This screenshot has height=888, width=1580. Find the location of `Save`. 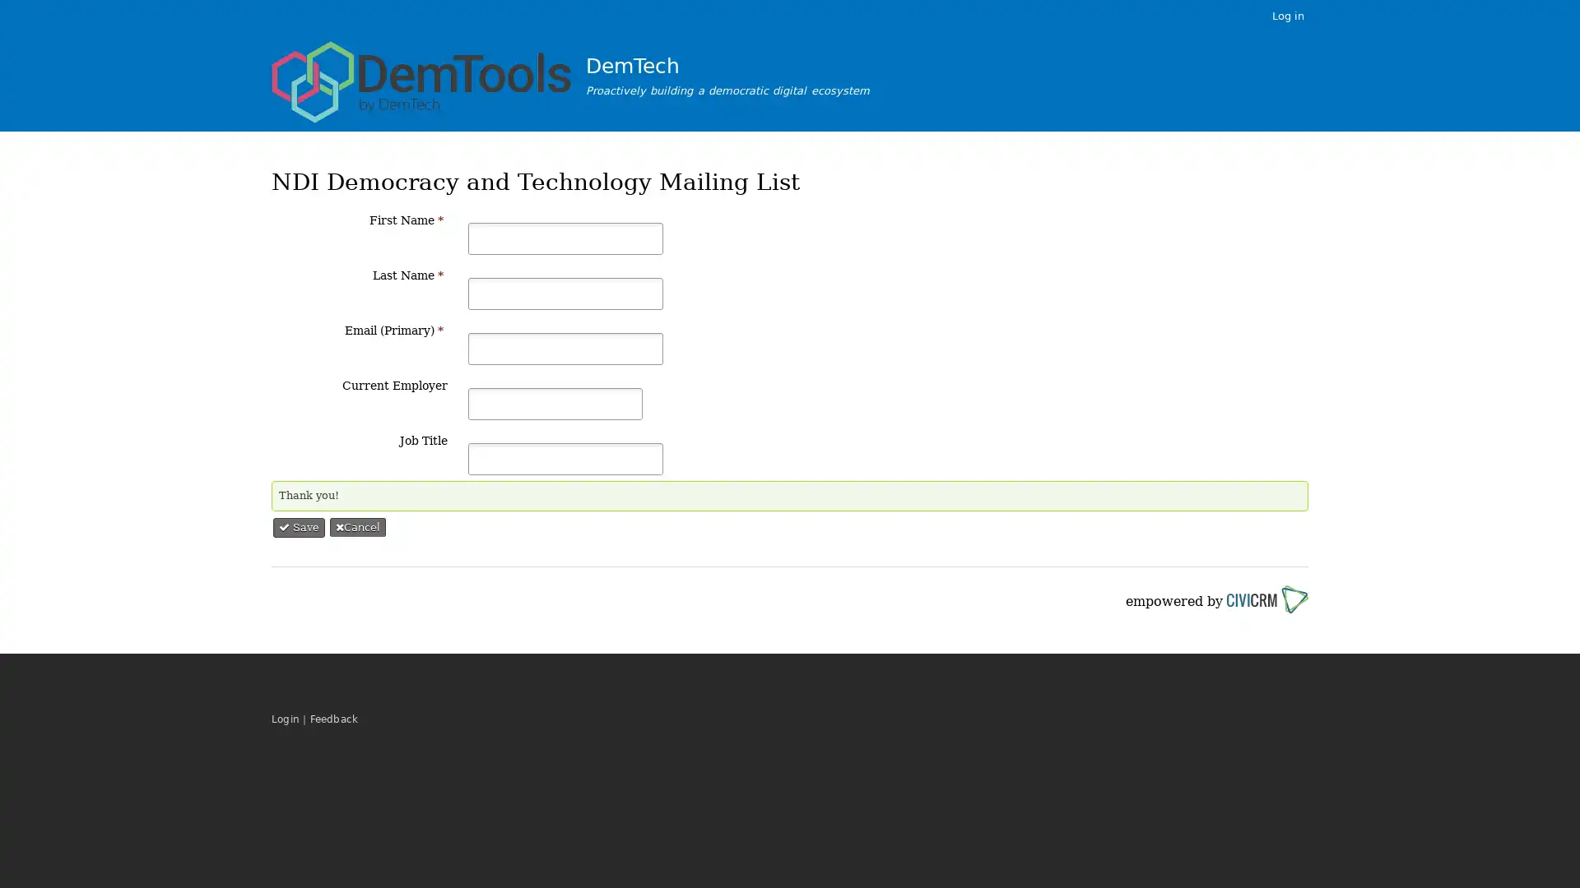

Save is located at coordinates (299, 527).